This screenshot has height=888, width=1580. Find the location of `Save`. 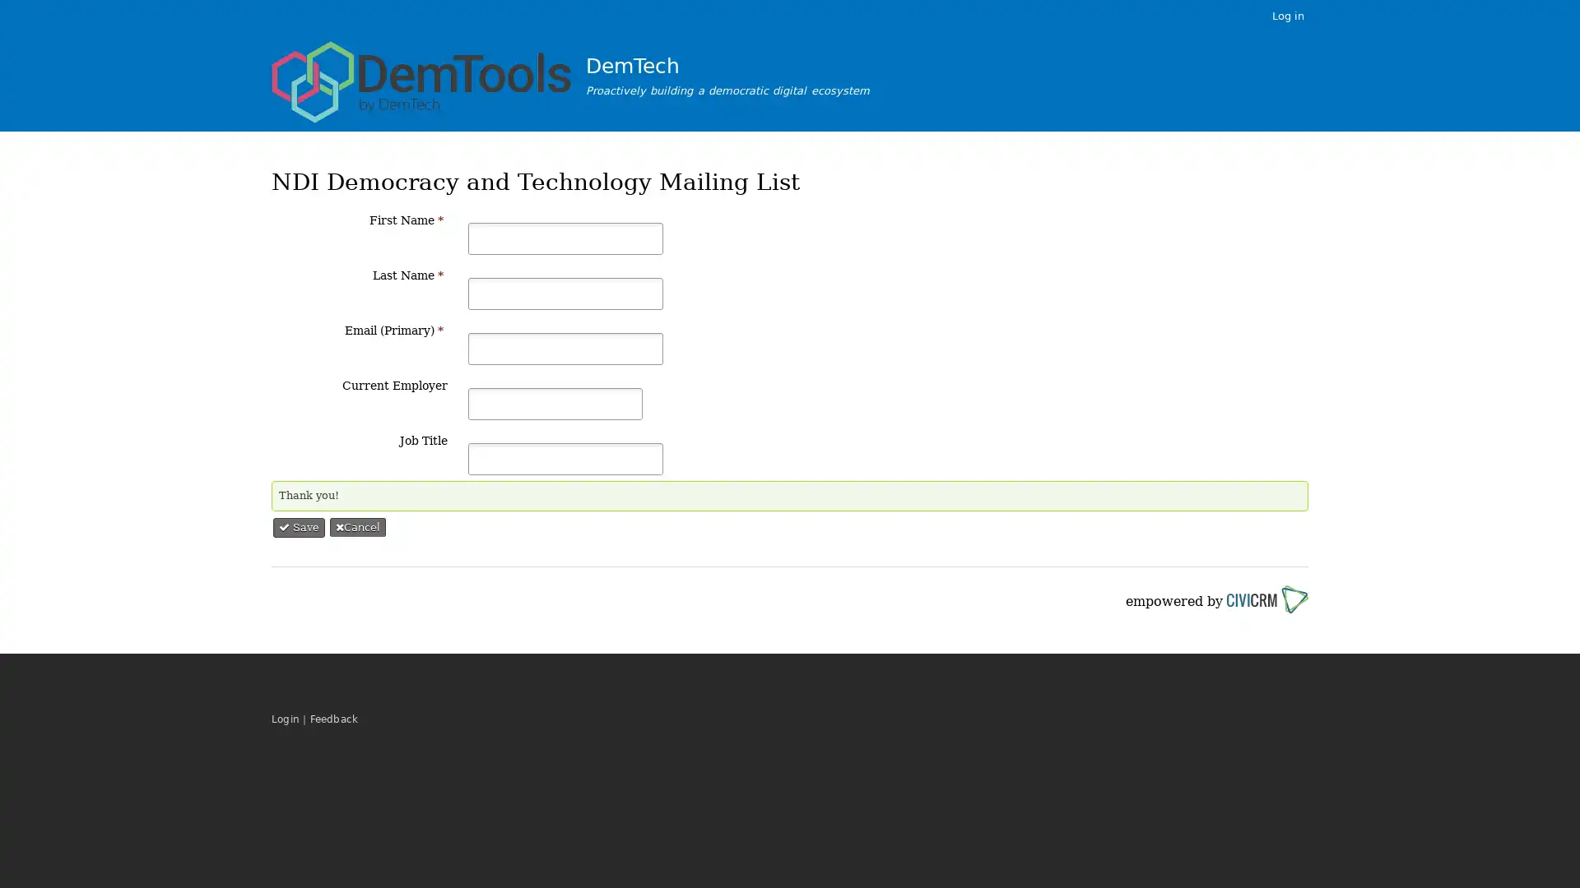

Save is located at coordinates (299, 527).